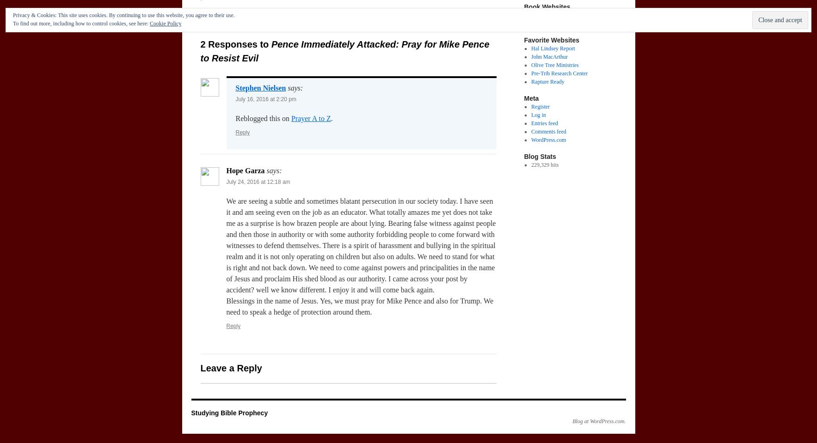 This screenshot has width=817, height=443. What do you see at coordinates (547, 6) in the screenshot?
I see `'Book Websites'` at bounding box center [547, 6].